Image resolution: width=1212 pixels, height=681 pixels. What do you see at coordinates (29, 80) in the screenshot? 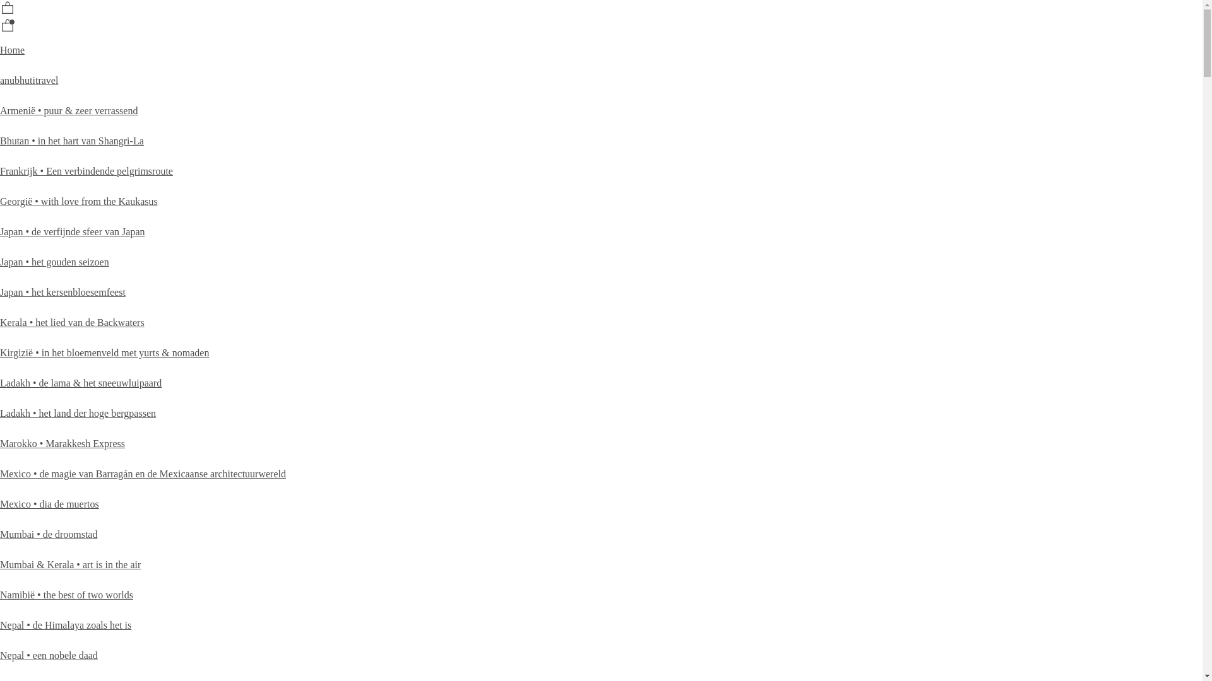
I see `'anubhutitravel'` at bounding box center [29, 80].